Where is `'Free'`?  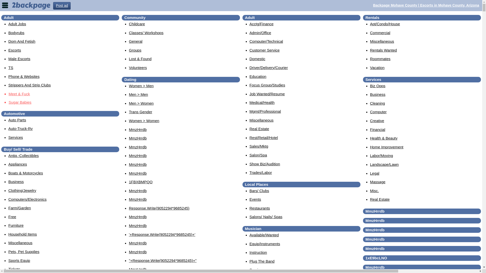 'Free' is located at coordinates (12, 216).